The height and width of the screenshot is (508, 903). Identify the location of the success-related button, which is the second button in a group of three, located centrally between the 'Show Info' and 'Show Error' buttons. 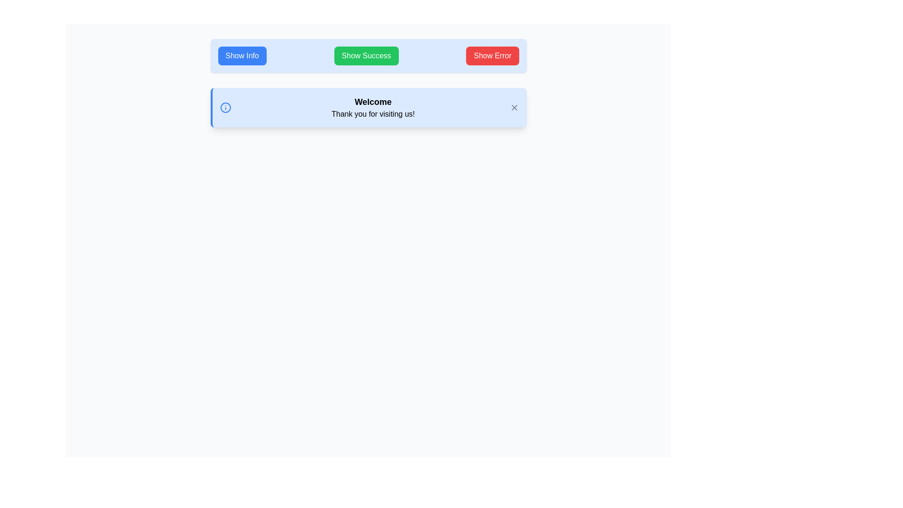
(366, 56).